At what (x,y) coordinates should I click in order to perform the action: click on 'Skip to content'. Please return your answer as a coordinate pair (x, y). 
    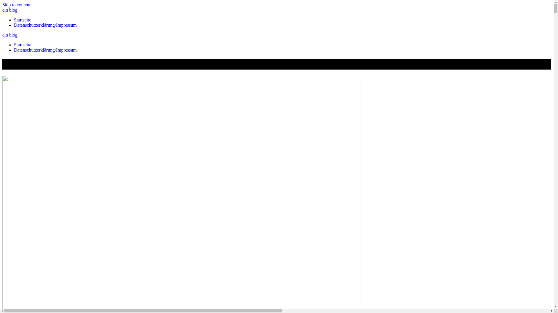
    Looking at the image, I should click on (16, 5).